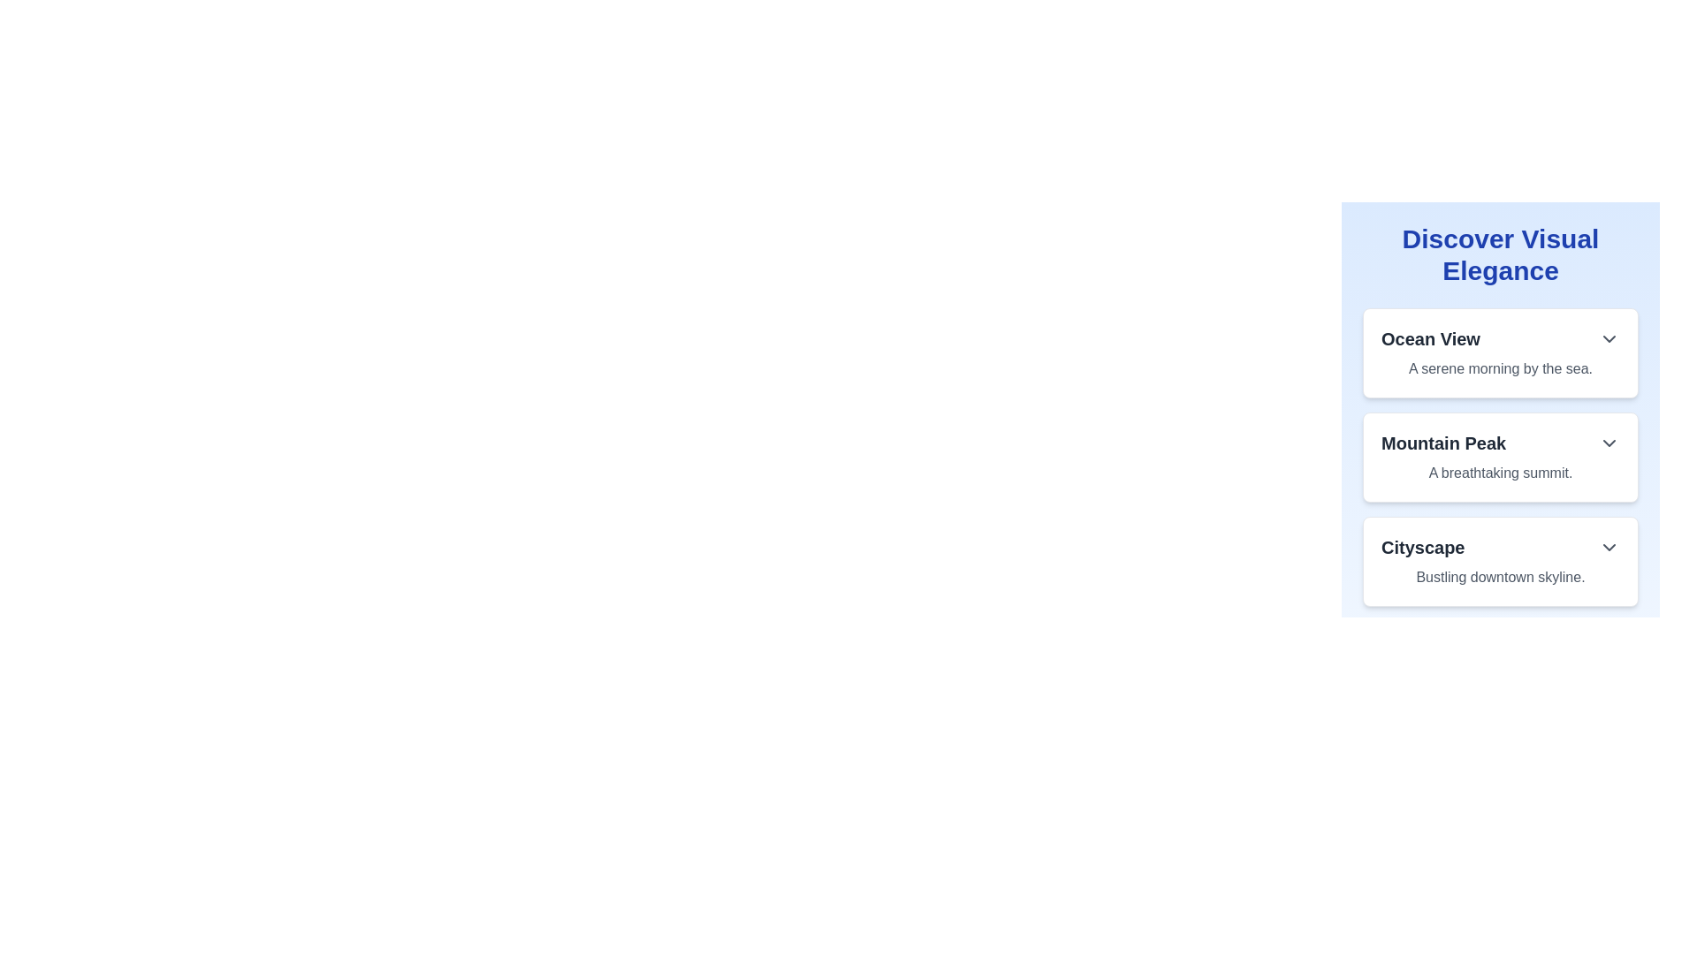 This screenshot has width=1697, height=954. What do you see at coordinates (1443, 442) in the screenshot?
I see `the text label titled 'Mountain Peak', which is the main title of the second list item in a vertically aligned list` at bounding box center [1443, 442].